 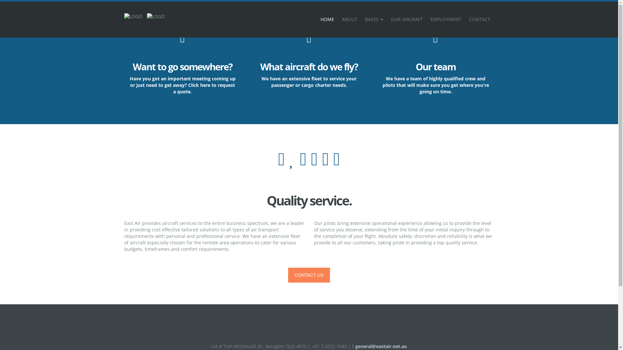 I want to click on 'BASES', so click(x=374, y=19).